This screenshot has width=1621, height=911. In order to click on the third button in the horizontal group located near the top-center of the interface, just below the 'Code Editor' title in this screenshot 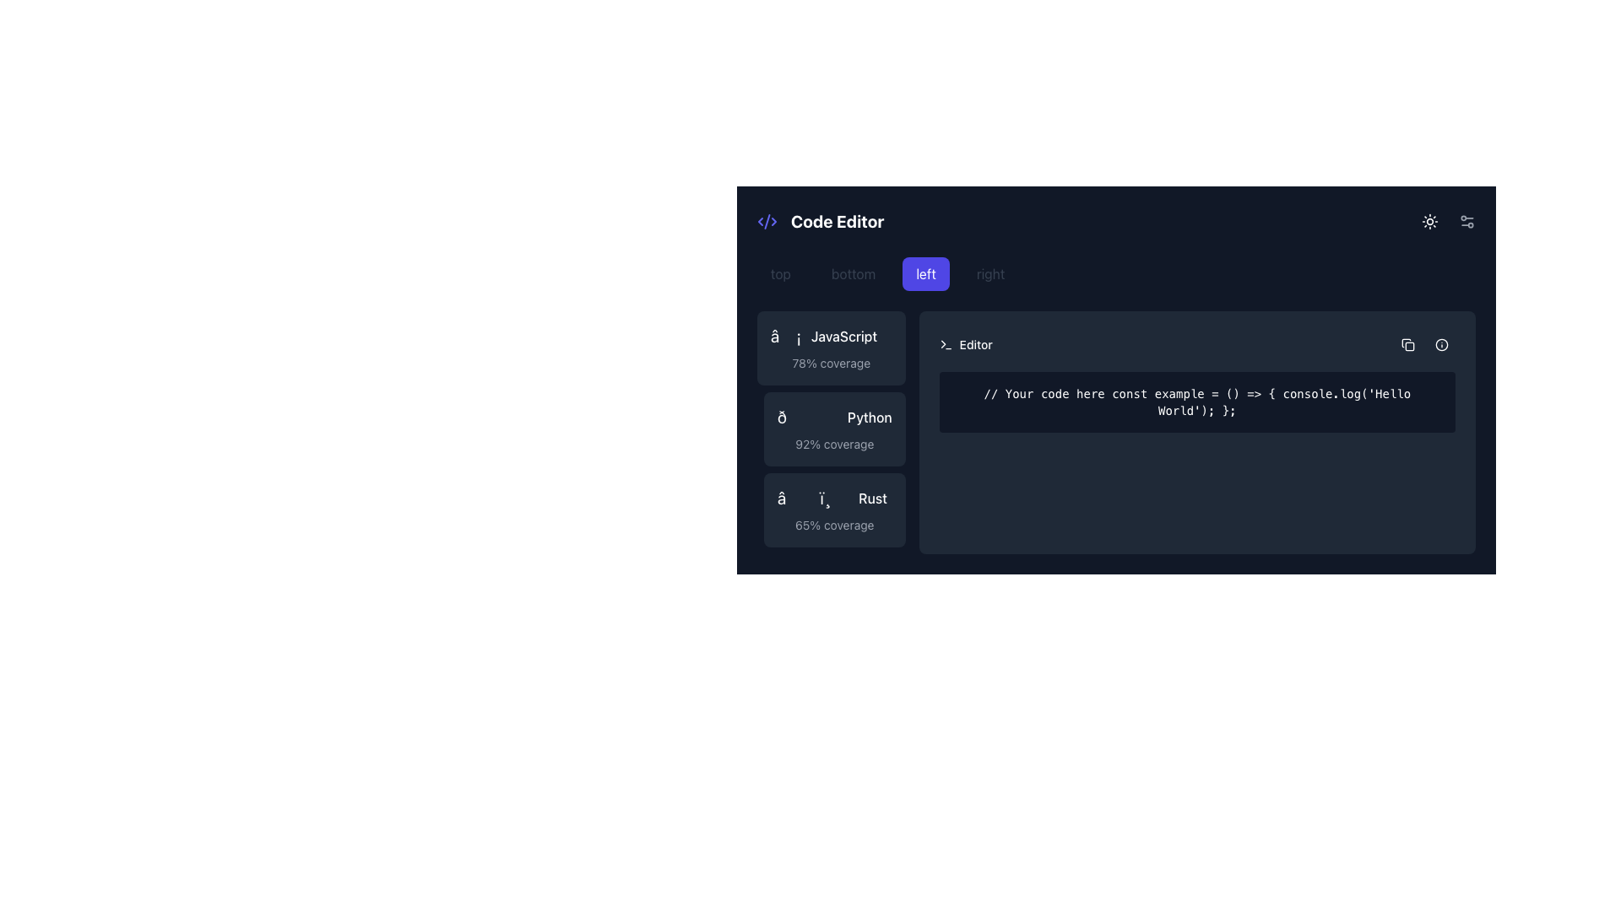, I will do `click(1116, 272)`.